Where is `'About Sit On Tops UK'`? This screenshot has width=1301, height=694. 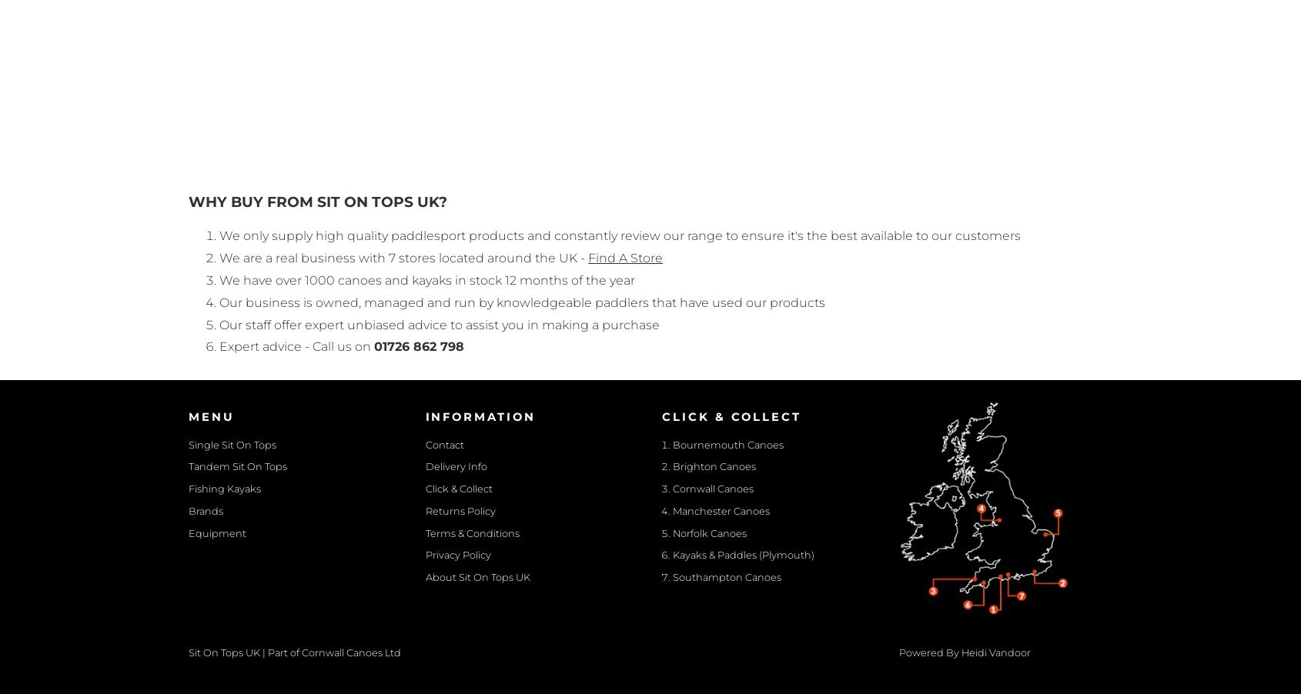 'About Sit On Tops UK' is located at coordinates (477, 577).